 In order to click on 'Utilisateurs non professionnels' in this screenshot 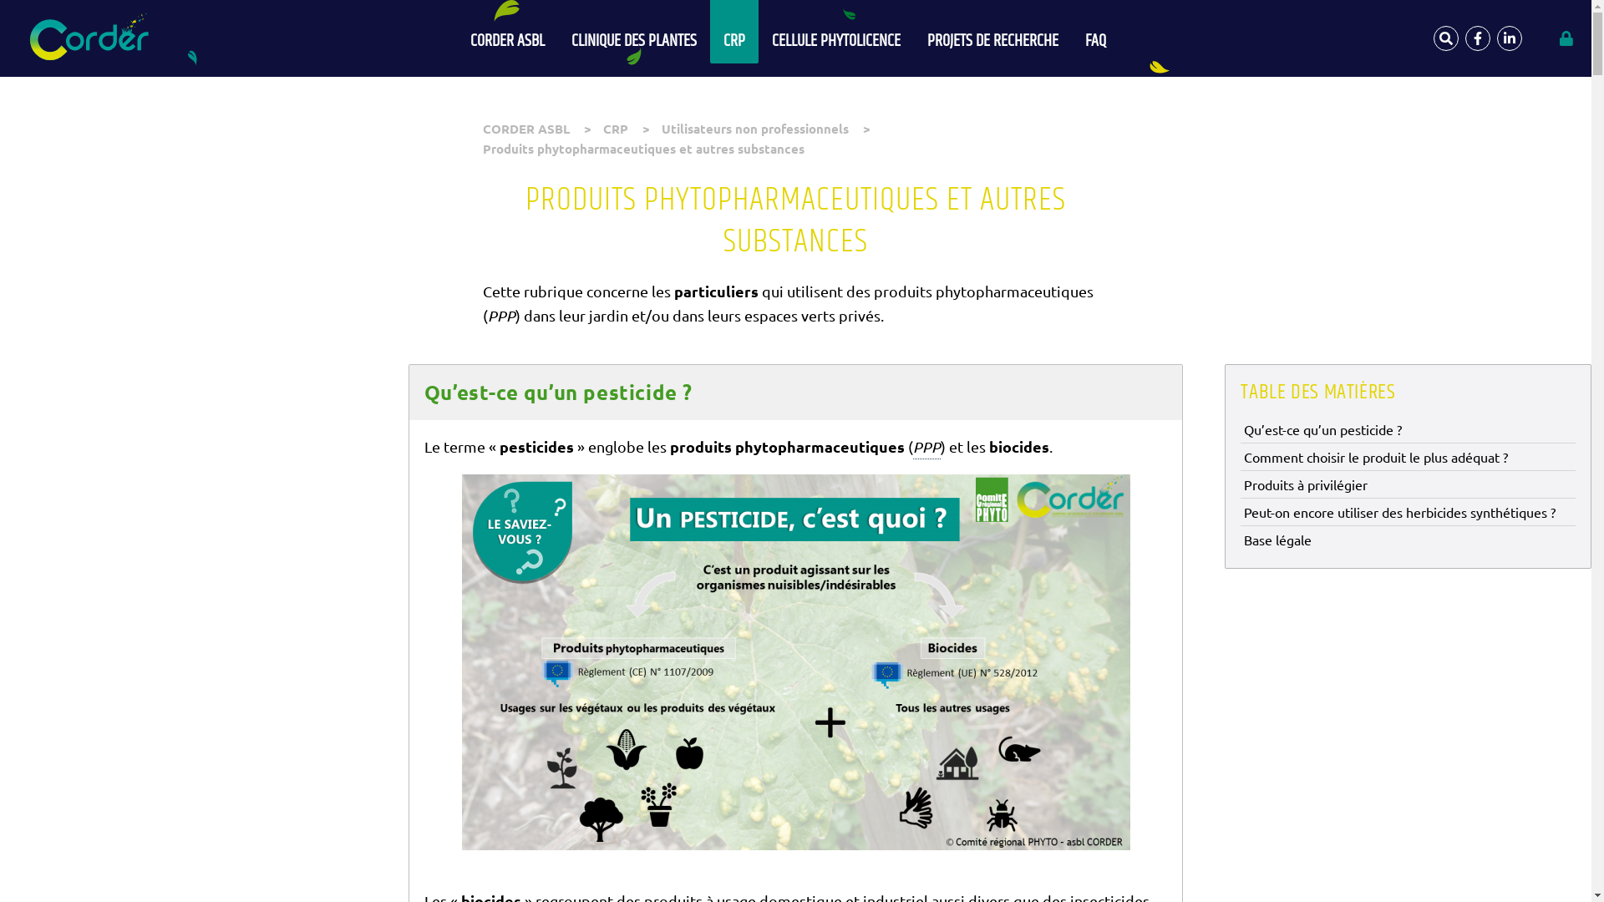, I will do `click(754, 128)`.